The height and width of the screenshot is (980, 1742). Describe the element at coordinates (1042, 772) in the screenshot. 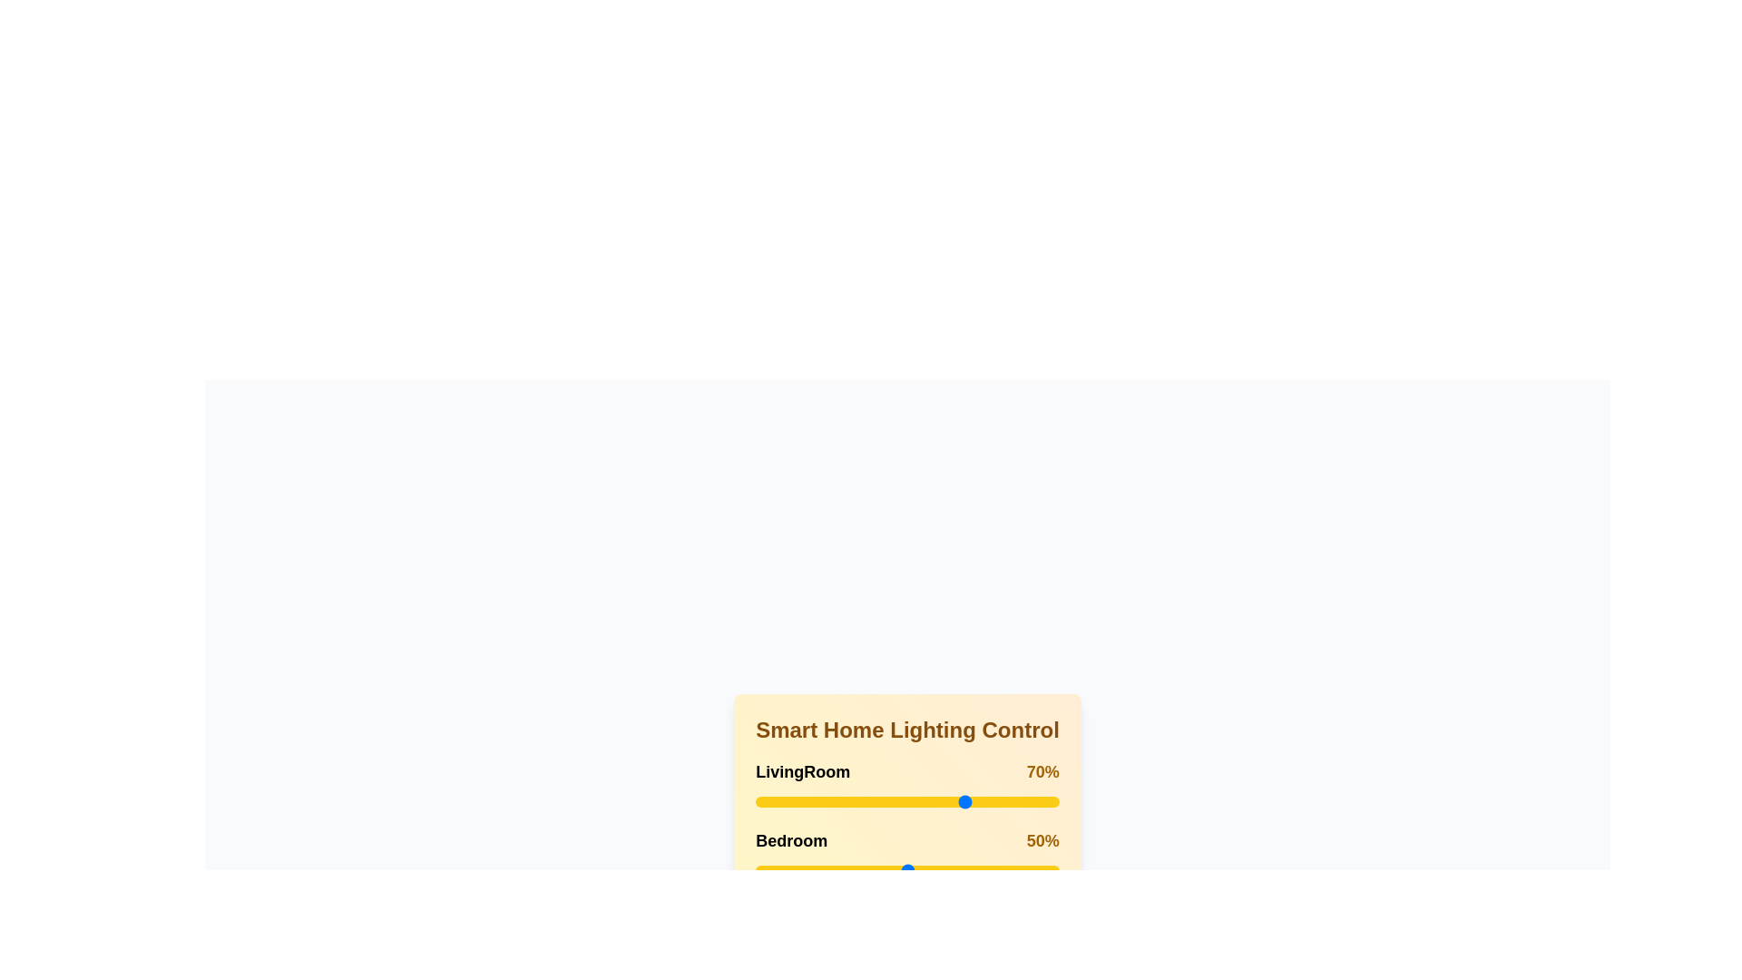

I see `static text label displaying '70%' in bold yellow text, positioned within the 'LivingRoom' block, to interpret the value` at that location.